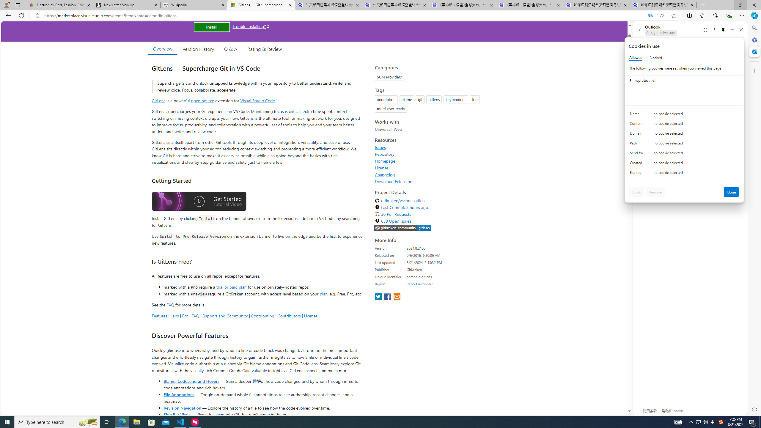  What do you see at coordinates (158, 100) in the screenshot?
I see `'GitLens'` at bounding box center [158, 100].